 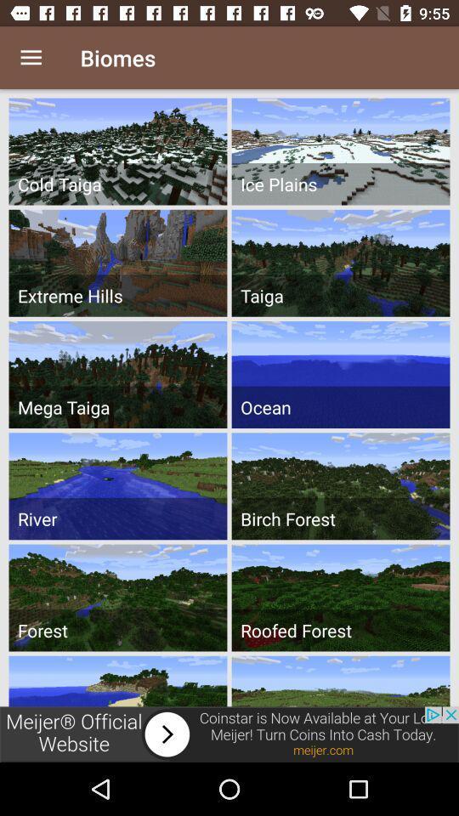 What do you see at coordinates (229, 734) in the screenshot?
I see `visit advertised website` at bounding box center [229, 734].